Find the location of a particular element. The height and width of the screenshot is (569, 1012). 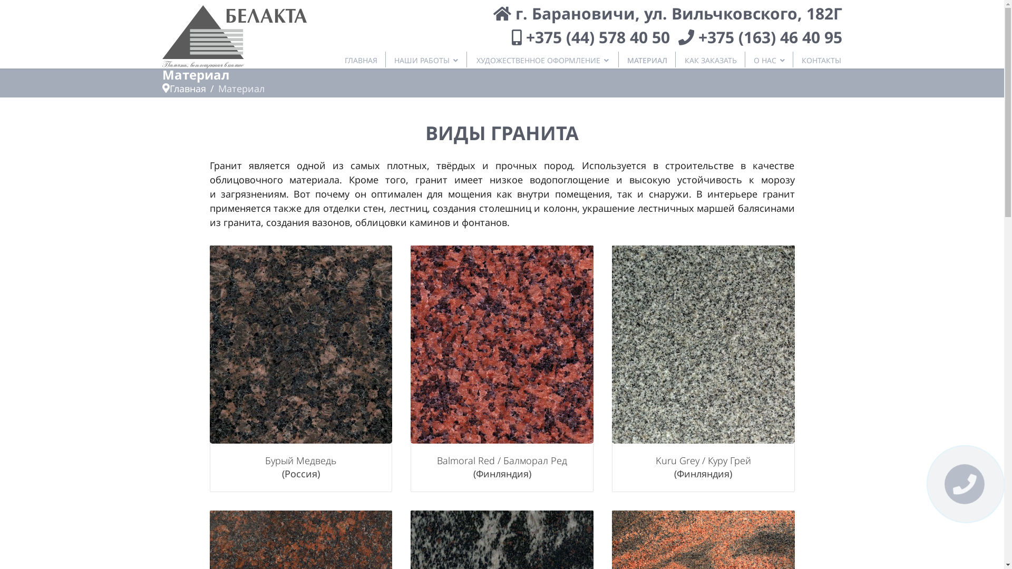

'+375 (163) 46 40 95' is located at coordinates (770, 36).